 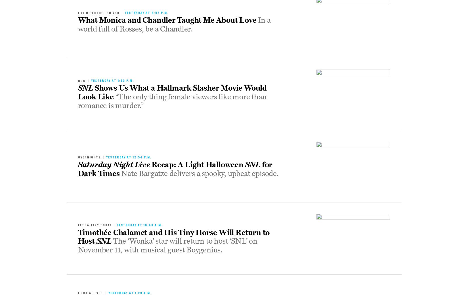 What do you see at coordinates (78, 92) in the screenshot?
I see `'Shows Us What a Hallmark Slasher Movie Would Look Like'` at bounding box center [78, 92].